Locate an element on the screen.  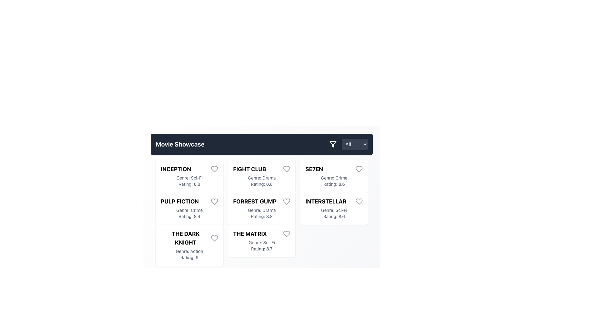
the 'FIGHT CLUB' title label, which is styled as bold, uppercase text in a large font size and is located at the top center of the second movie card in the grid under 'Movie Showcase' is located at coordinates (261, 169).